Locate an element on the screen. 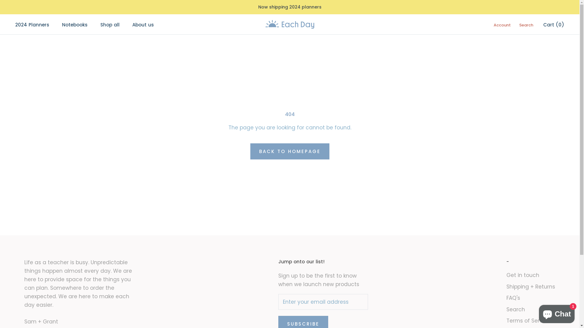 Image resolution: width=584 pixels, height=328 pixels. 'Shopify online store chat' is located at coordinates (557, 313).